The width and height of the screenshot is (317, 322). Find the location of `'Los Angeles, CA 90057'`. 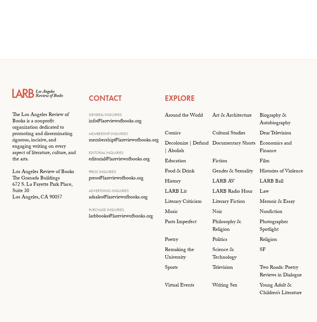

'Los Angeles, CA 90057' is located at coordinates (37, 197).